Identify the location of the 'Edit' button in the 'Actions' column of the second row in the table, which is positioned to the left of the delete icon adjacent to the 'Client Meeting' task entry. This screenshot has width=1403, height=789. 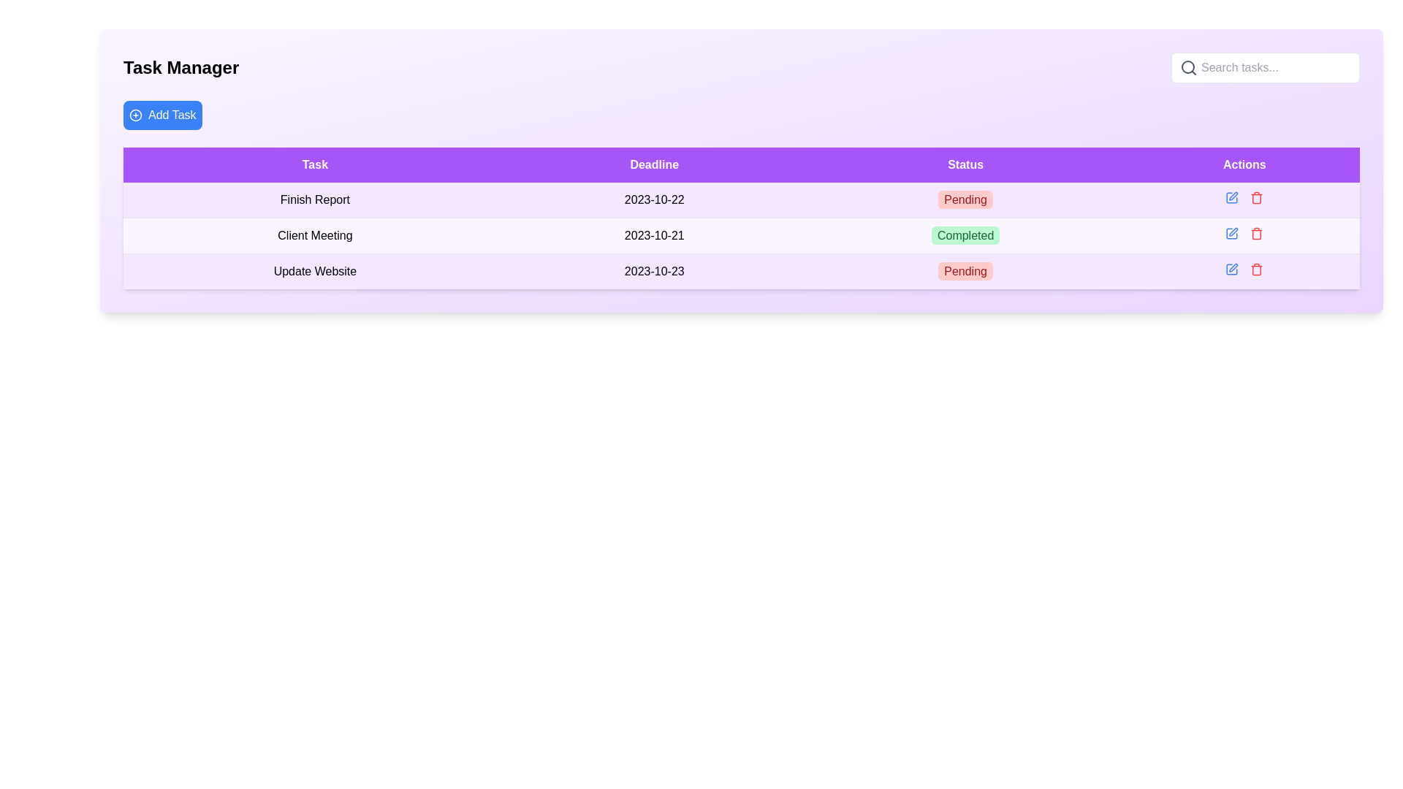
(1231, 197).